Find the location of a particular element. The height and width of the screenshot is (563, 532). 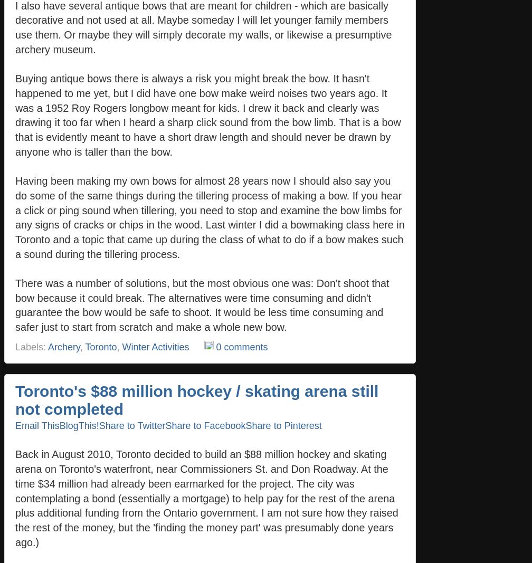

'Having been making my own bows for almost 28 years now I should also say you do some of the same things during the tillering process of making a bow. If you hear a click or ping sound when tillering, you need to stop and examine the bow limbs for any signs of cracks or chips in the wood. Last winter I did a bowmaking class here in Toronto and a topic that came up during the class of what to do if a bow makes such a sound during the tillering process.' is located at coordinates (210, 216).